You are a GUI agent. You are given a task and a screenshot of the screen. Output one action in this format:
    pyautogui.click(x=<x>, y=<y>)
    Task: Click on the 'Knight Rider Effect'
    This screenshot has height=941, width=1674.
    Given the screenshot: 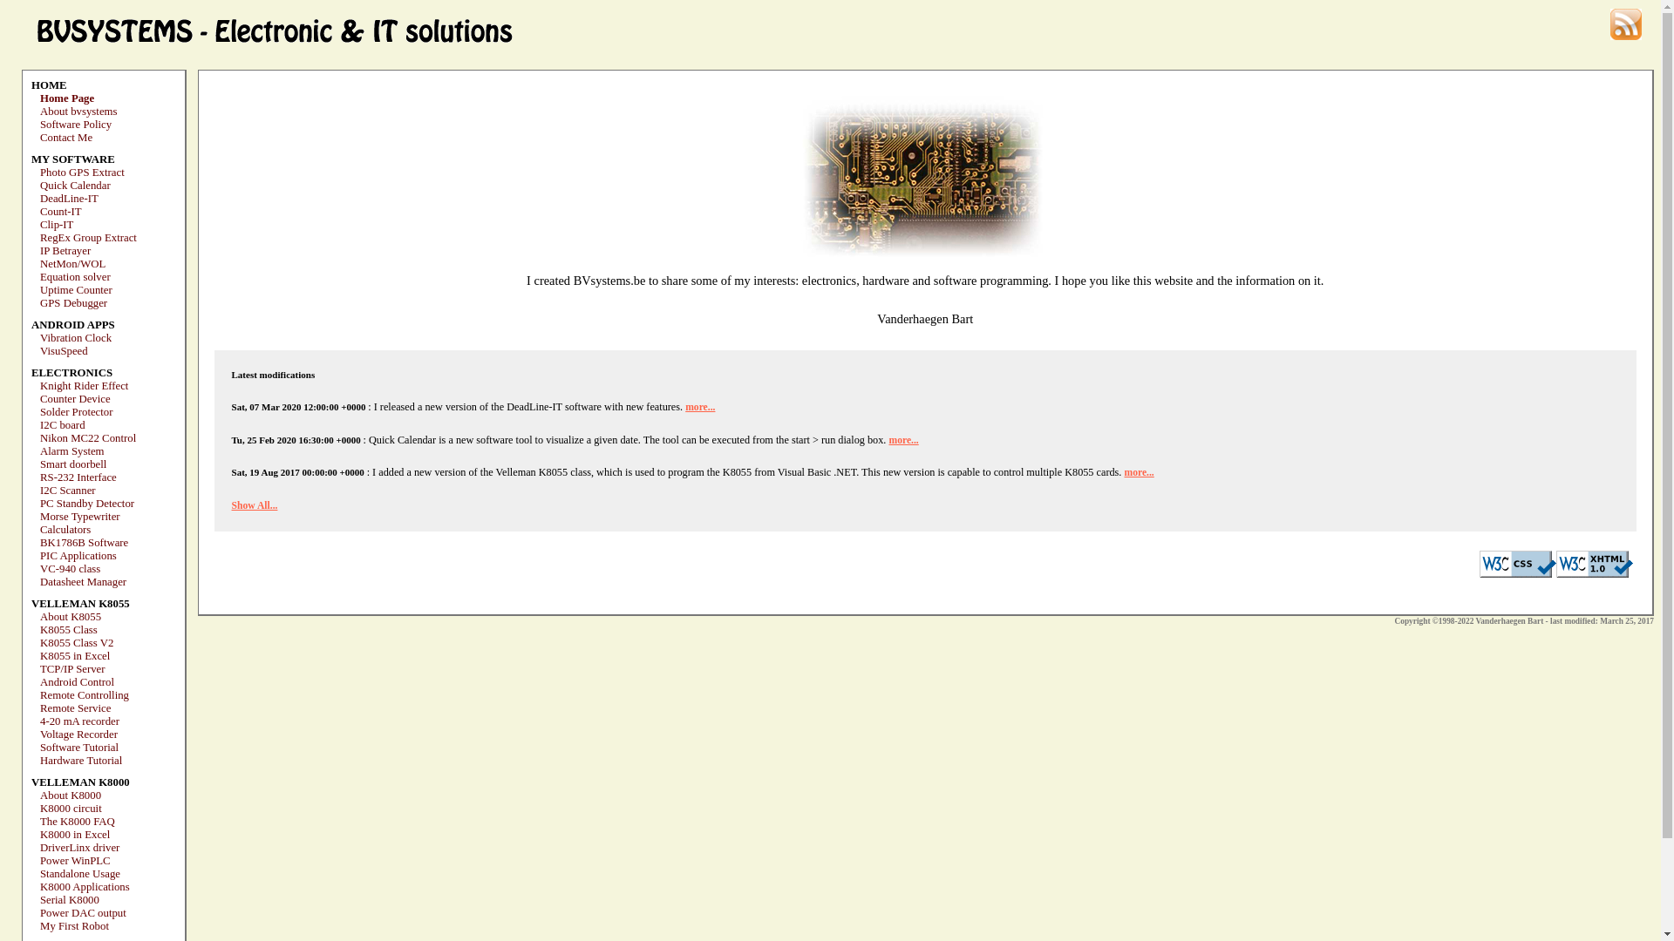 What is the action you would take?
    pyautogui.click(x=83, y=385)
    